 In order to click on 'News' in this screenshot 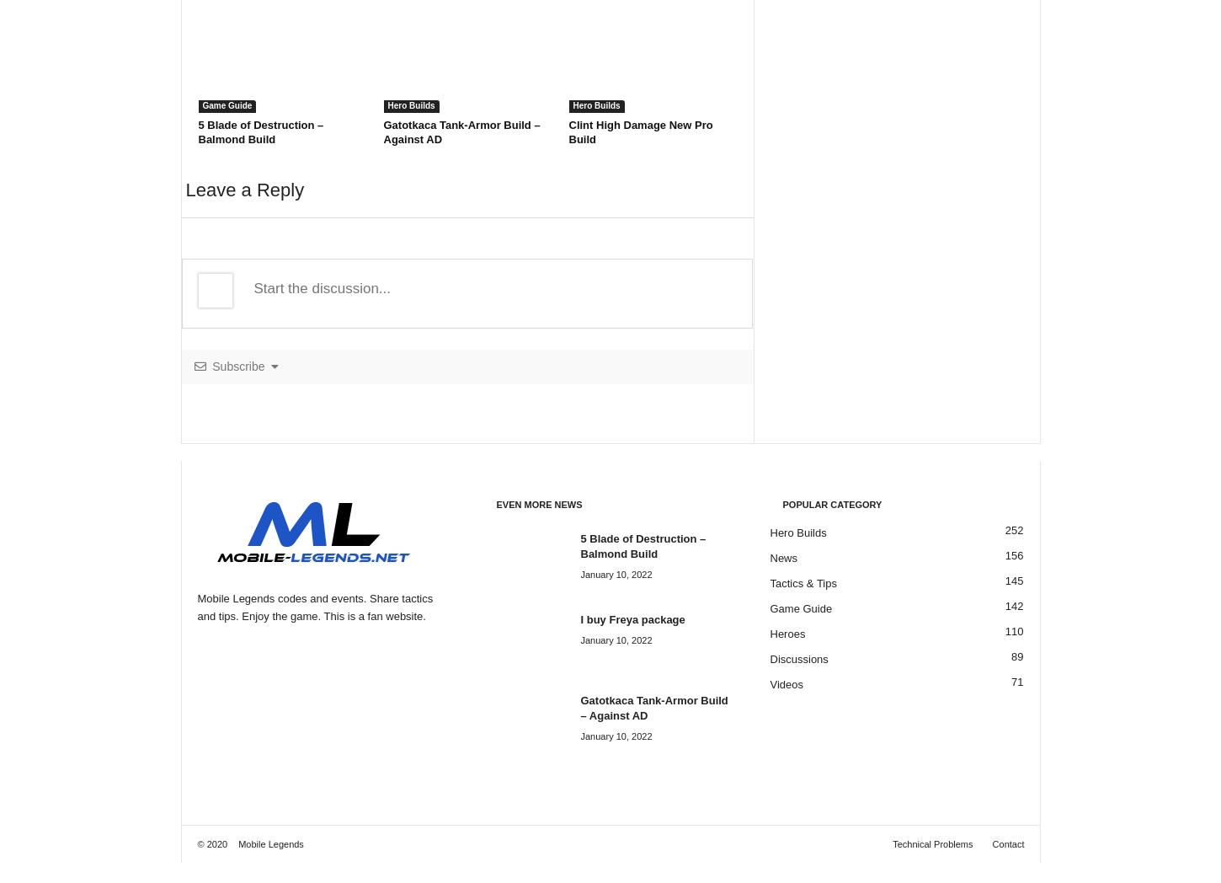, I will do `click(782, 558)`.